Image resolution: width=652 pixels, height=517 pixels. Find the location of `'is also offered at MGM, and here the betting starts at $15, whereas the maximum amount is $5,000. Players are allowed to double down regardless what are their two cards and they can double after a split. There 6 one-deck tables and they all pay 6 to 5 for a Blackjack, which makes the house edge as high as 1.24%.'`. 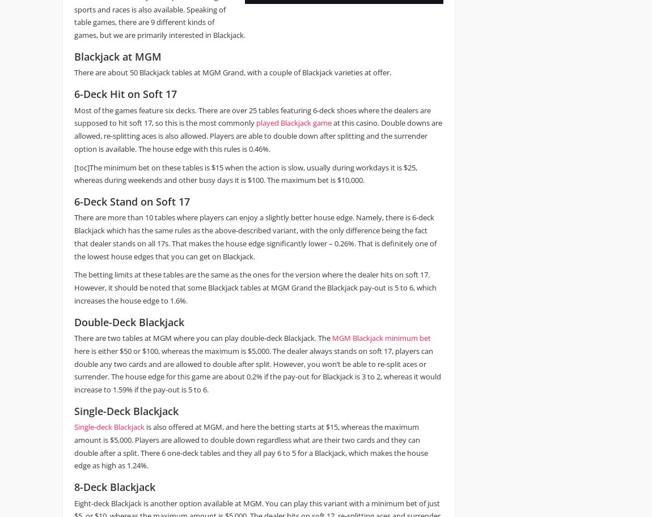

'is also offered at MGM, and here the betting starts at $15, whereas the maximum amount is $5,000. Players are allowed to double down regardless what are their two cards and they can double after a split. There 6 one-deck tables and they all pay 6 to 5 for a Blackjack, which makes the house edge as high as 1.24%.' is located at coordinates (251, 446).